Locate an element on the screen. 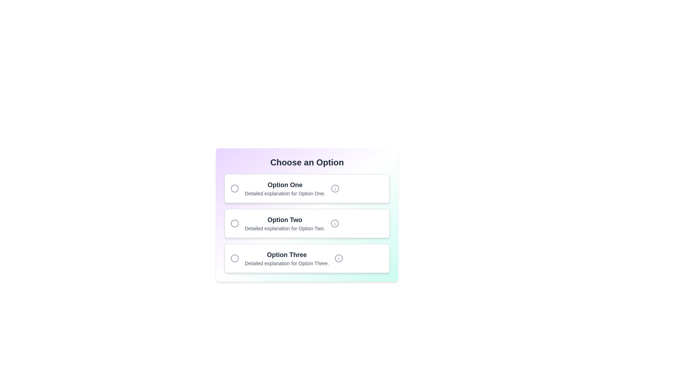 This screenshot has width=684, height=385. the circular radio button for selecting 'Option Three' located to the left of the option text is located at coordinates (234, 258).